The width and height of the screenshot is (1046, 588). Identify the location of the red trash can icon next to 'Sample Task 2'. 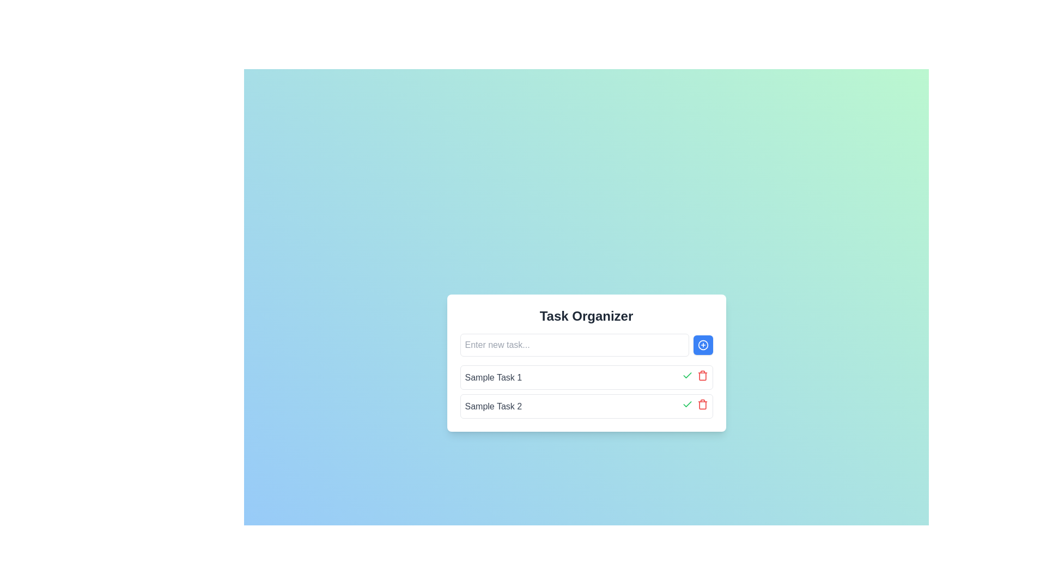
(702, 375).